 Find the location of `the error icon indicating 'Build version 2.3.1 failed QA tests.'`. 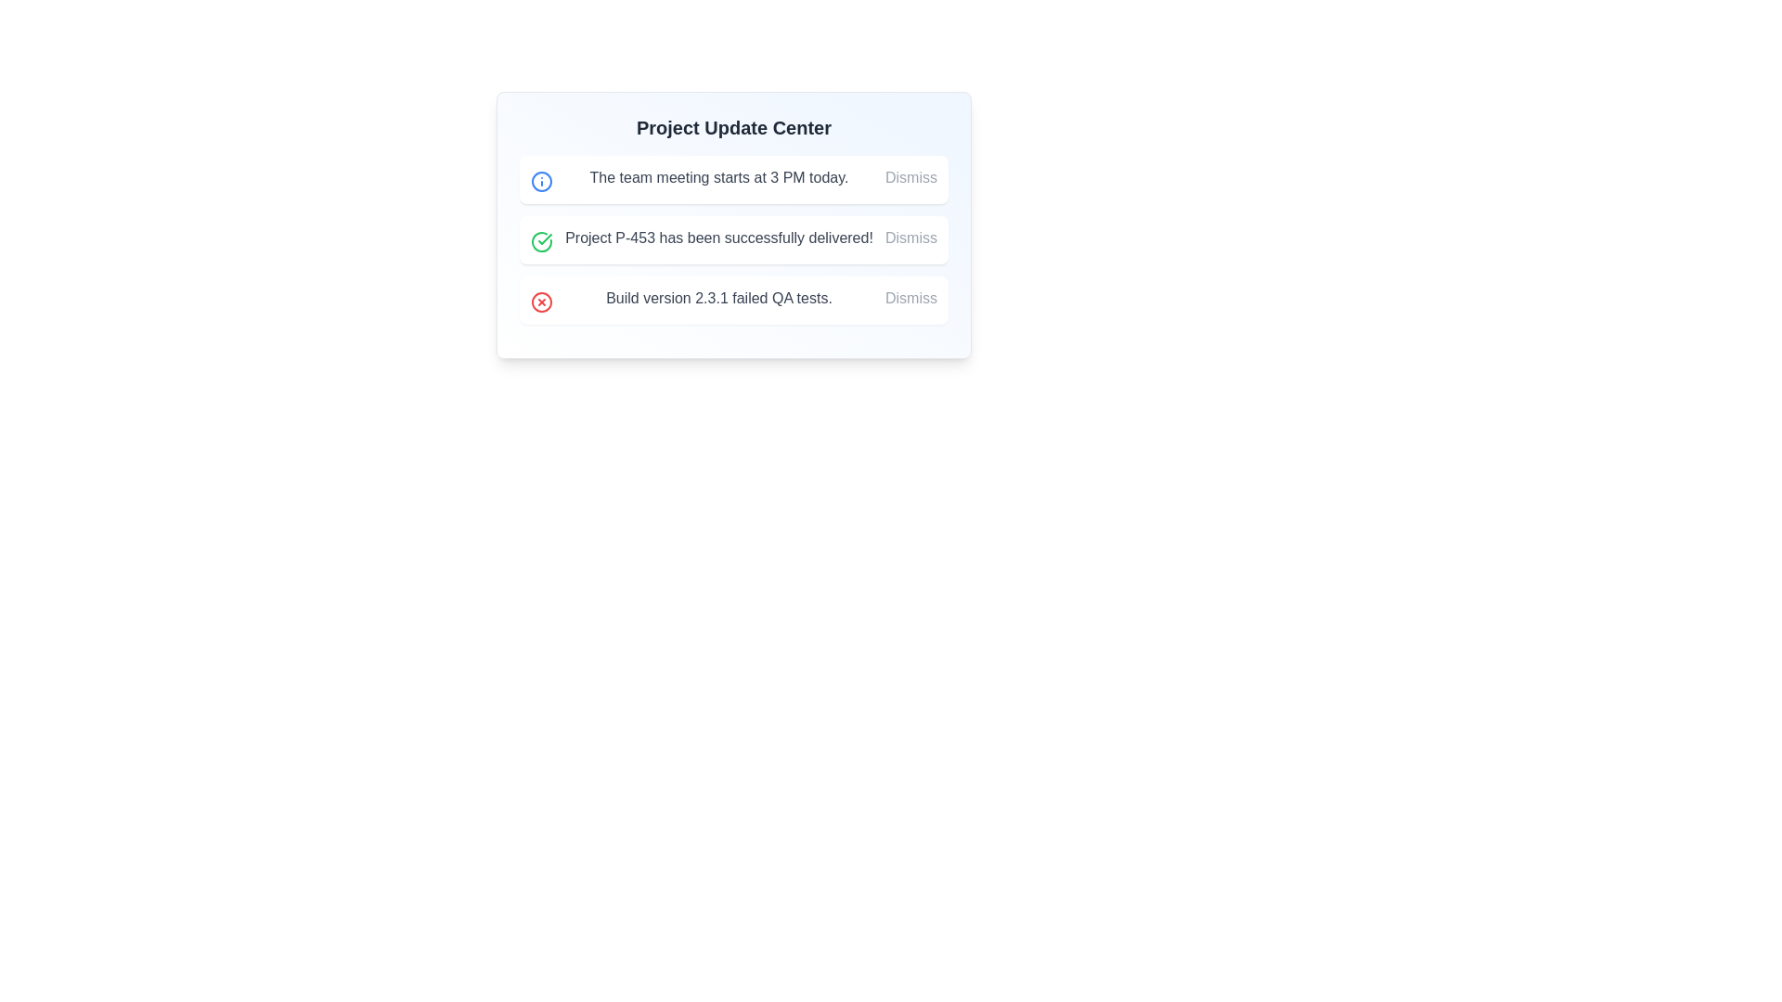

the error icon indicating 'Build version 2.3.1 failed QA tests.' is located at coordinates (541, 302).